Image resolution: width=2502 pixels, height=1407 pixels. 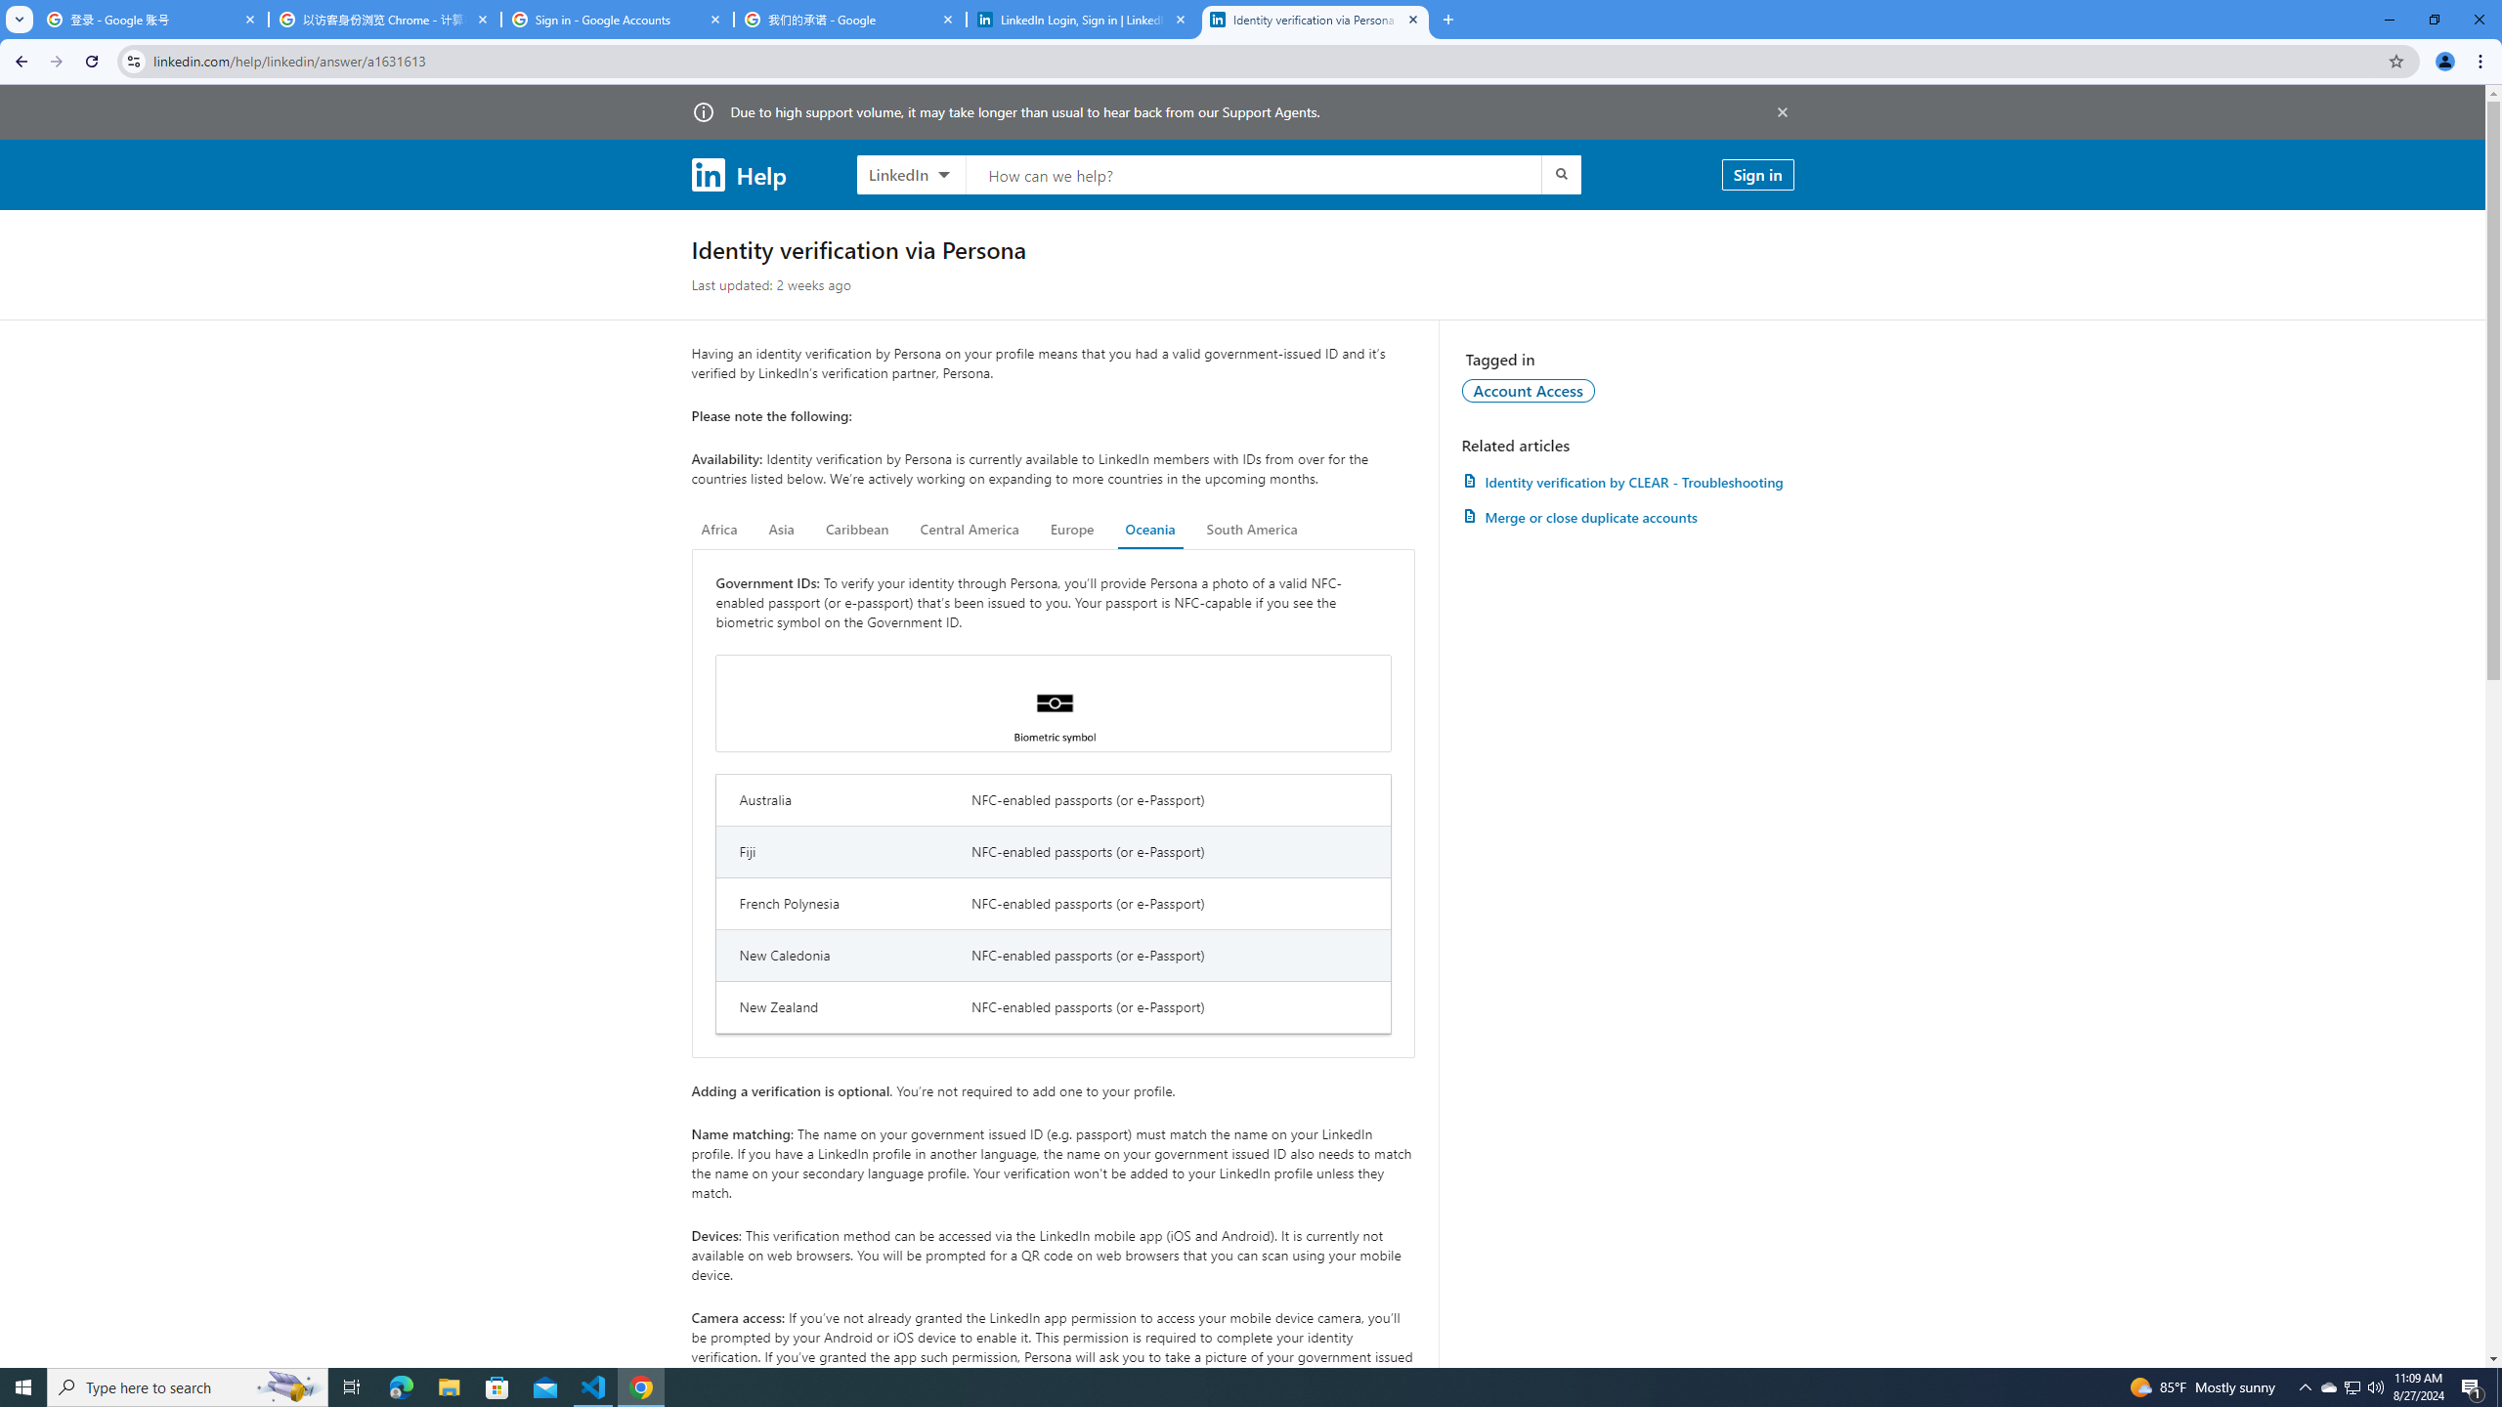 I want to click on 'Central America', so click(x=969, y=529).